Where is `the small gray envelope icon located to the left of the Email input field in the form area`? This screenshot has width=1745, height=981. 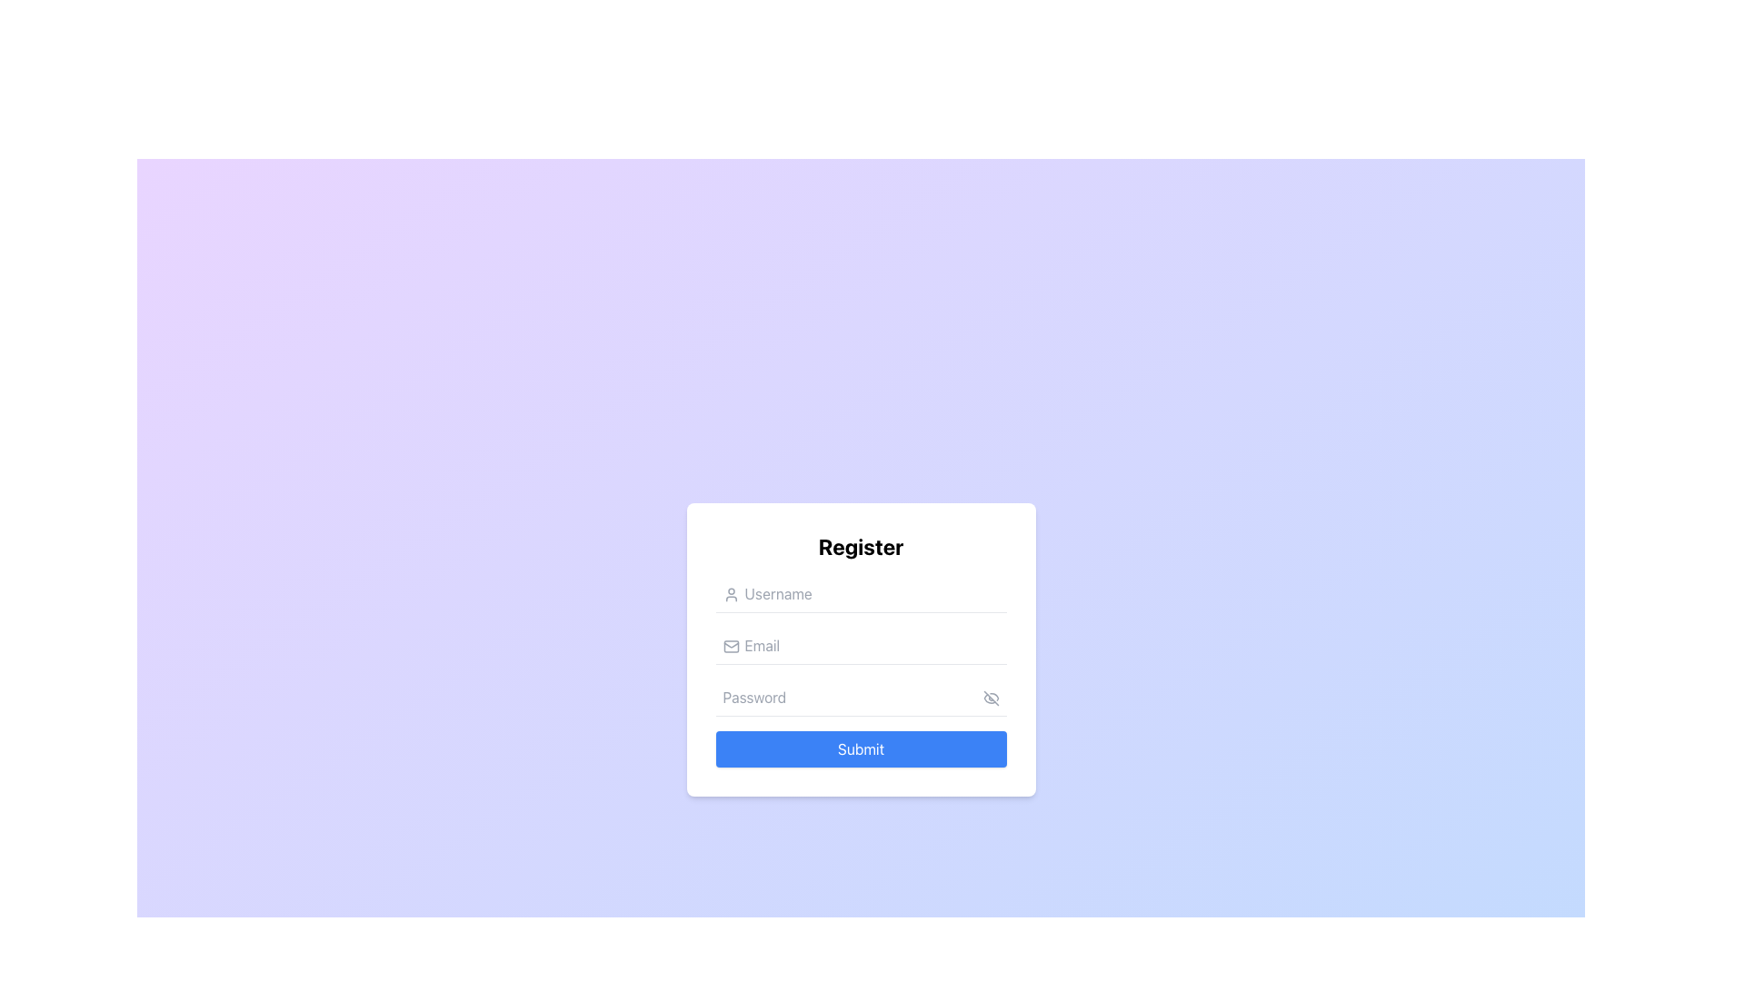 the small gray envelope icon located to the left of the Email input field in the form area is located at coordinates (731, 645).